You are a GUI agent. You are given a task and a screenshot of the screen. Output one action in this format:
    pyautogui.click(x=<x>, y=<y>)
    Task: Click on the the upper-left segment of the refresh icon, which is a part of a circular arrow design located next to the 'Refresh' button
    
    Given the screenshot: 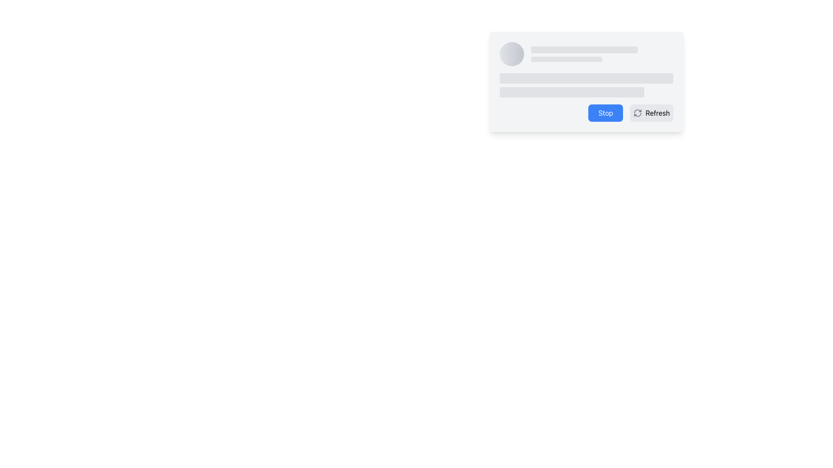 What is the action you would take?
    pyautogui.click(x=638, y=111)
    